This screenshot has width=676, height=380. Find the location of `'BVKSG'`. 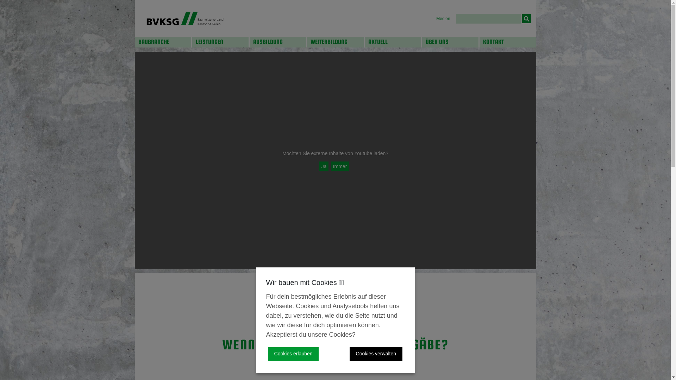

'BVKSG' is located at coordinates (184, 18).